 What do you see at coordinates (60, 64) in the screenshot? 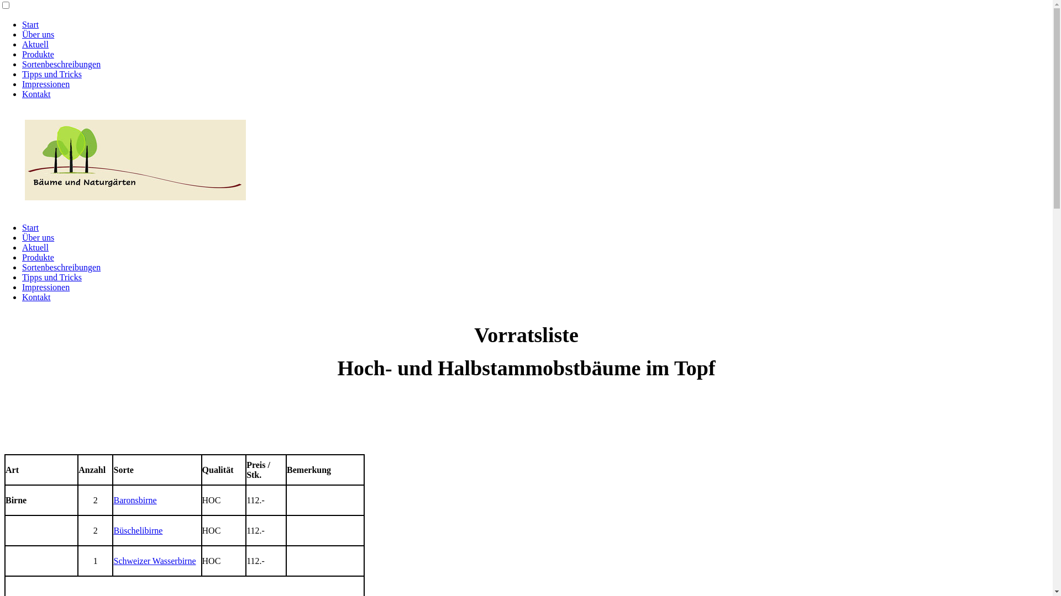
I see `'Sortenbeschreibungen'` at bounding box center [60, 64].